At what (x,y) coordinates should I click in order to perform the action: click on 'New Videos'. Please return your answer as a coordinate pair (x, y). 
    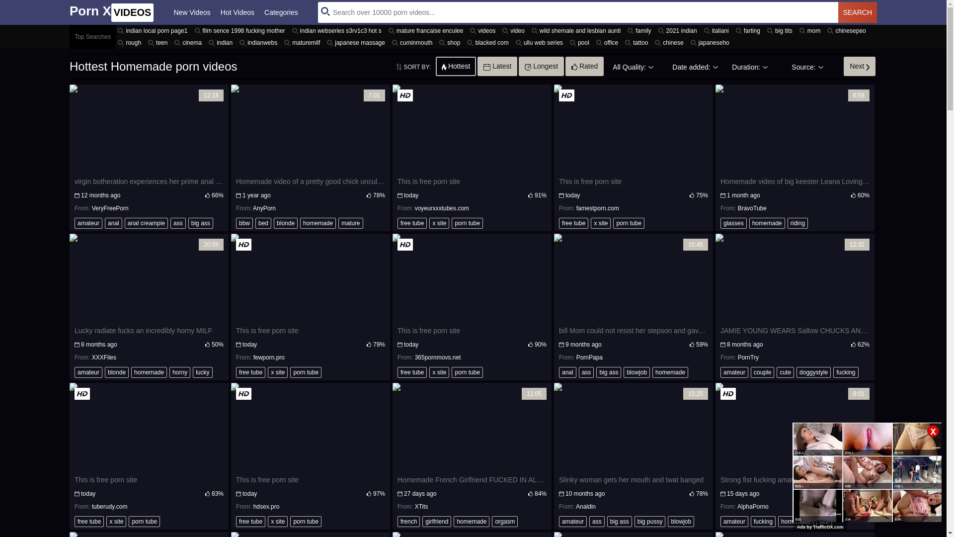
    Looking at the image, I should click on (191, 12).